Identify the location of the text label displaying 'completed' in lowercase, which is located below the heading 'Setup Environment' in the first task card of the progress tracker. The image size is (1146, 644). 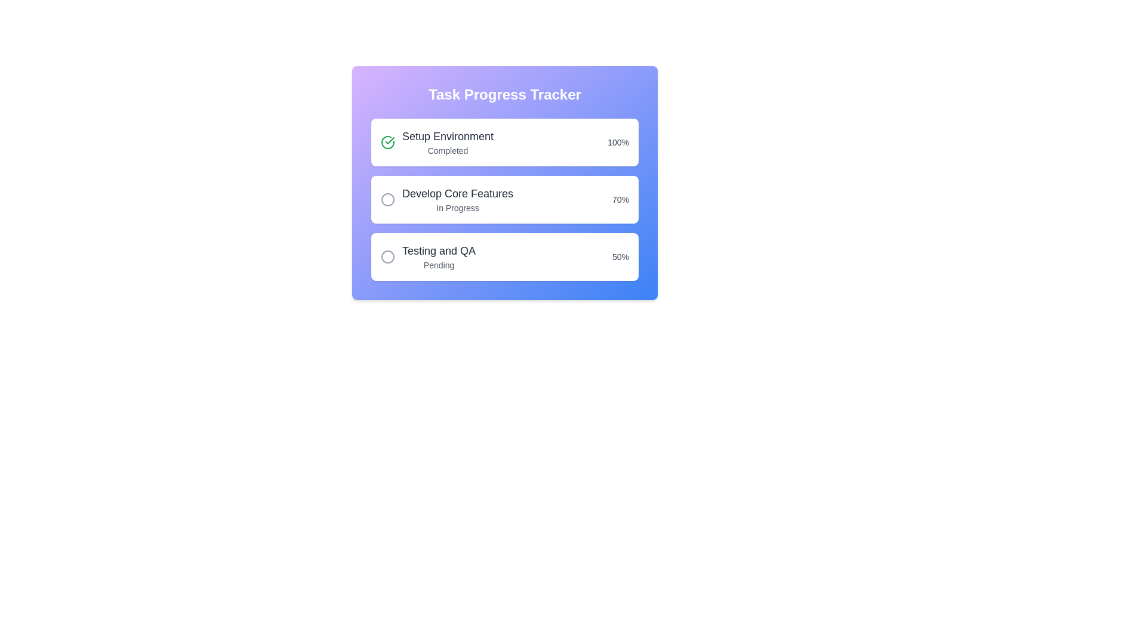
(447, 150).